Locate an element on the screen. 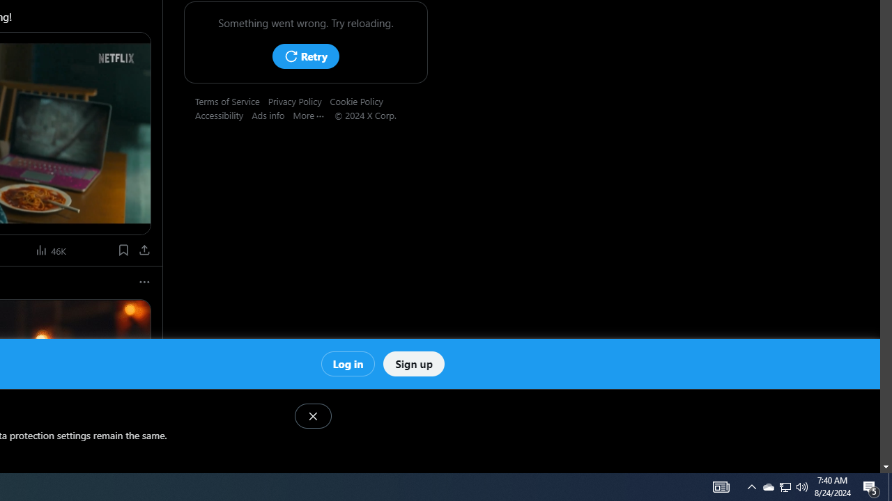 Image resolution: width=892 pixels, height=501 pixels. 'Log in' is located at coordinates (348, 363).